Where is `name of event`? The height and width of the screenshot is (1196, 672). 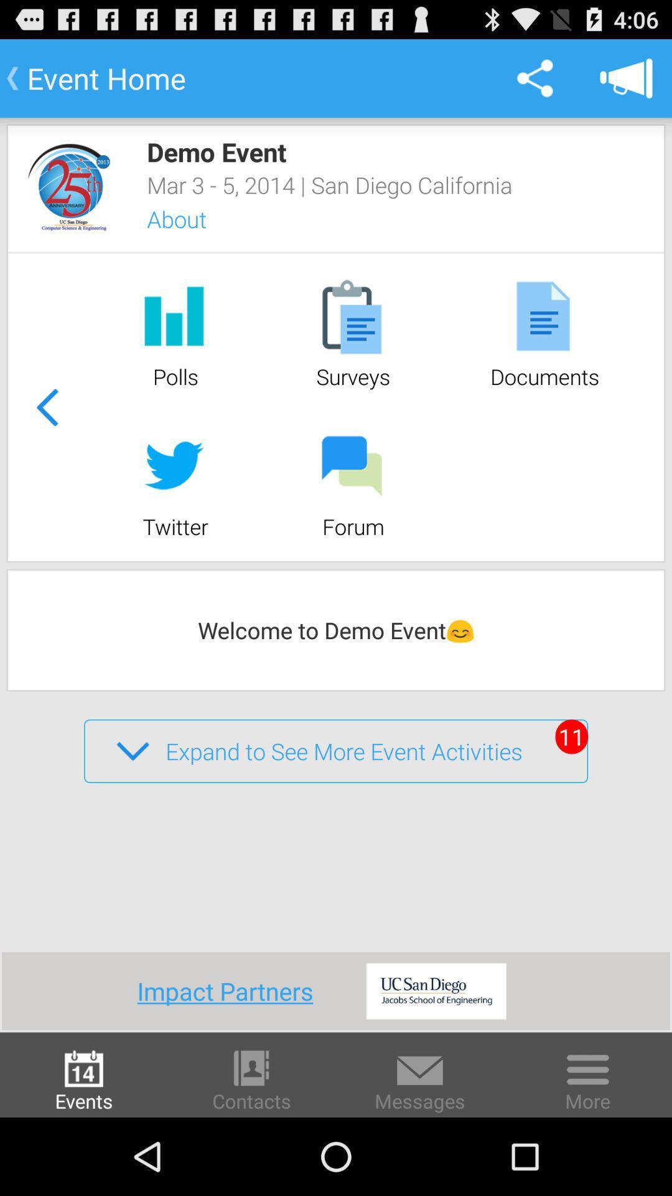
name of event is located at coordinates (69, 186).